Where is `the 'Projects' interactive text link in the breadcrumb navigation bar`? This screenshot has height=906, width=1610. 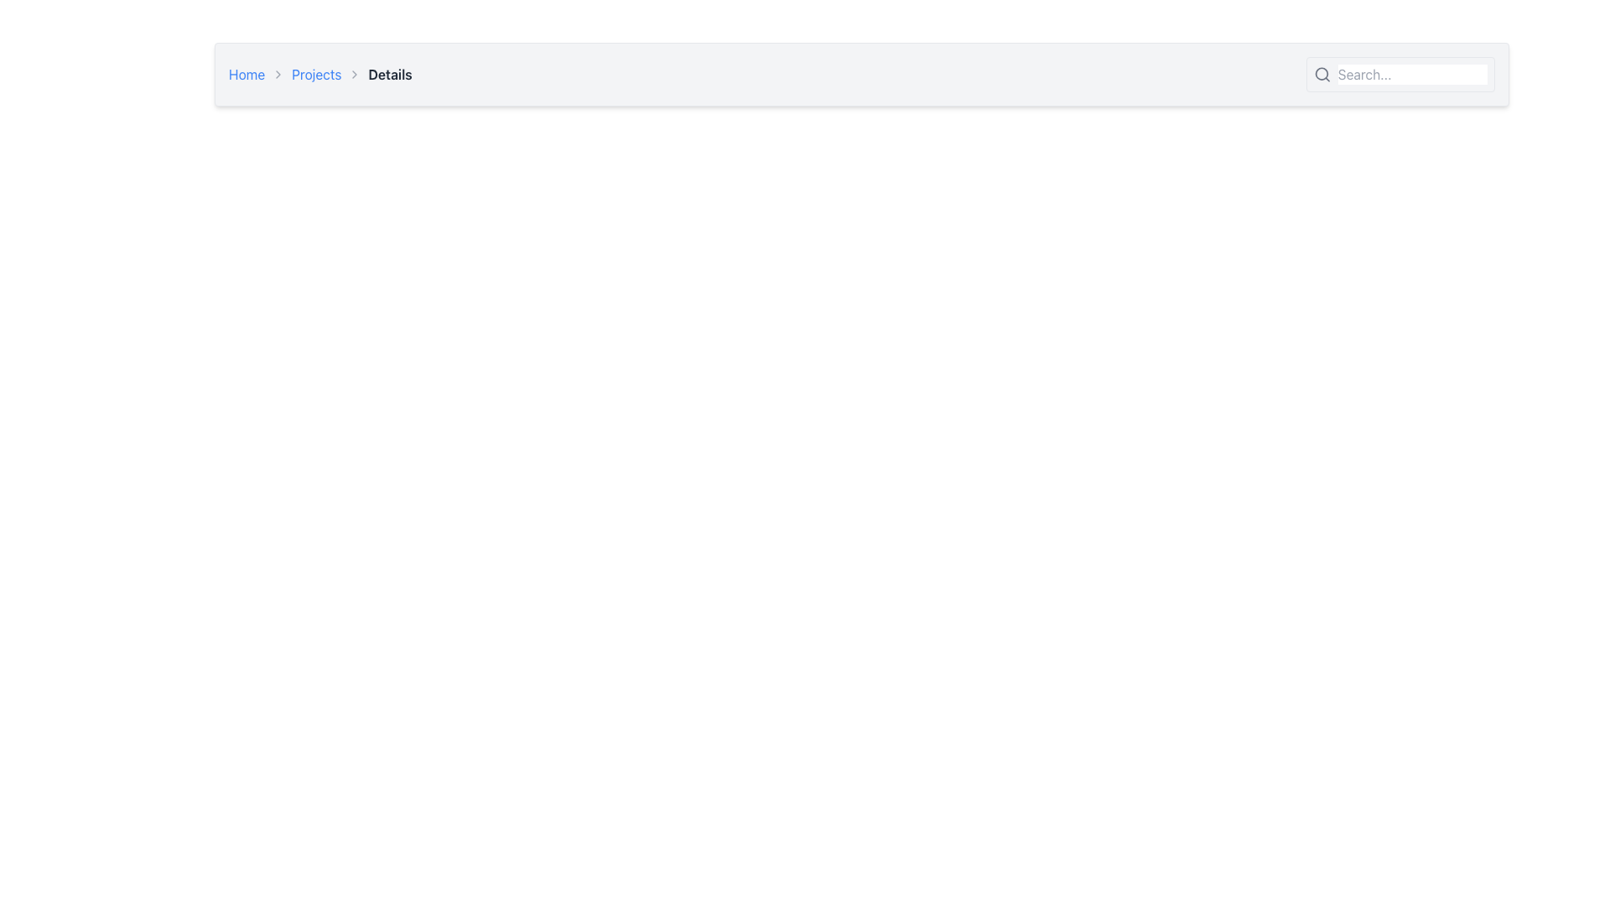 the 'Projects' interactive text link in the breadcrumb navigation bar is located at coordinates (316, 73).